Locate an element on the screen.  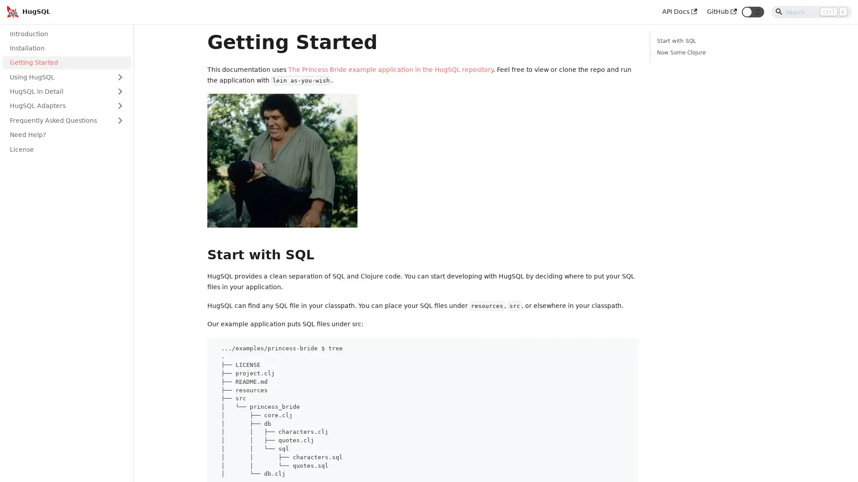
Copy code to clipboard is located at coordinates (622, 346).